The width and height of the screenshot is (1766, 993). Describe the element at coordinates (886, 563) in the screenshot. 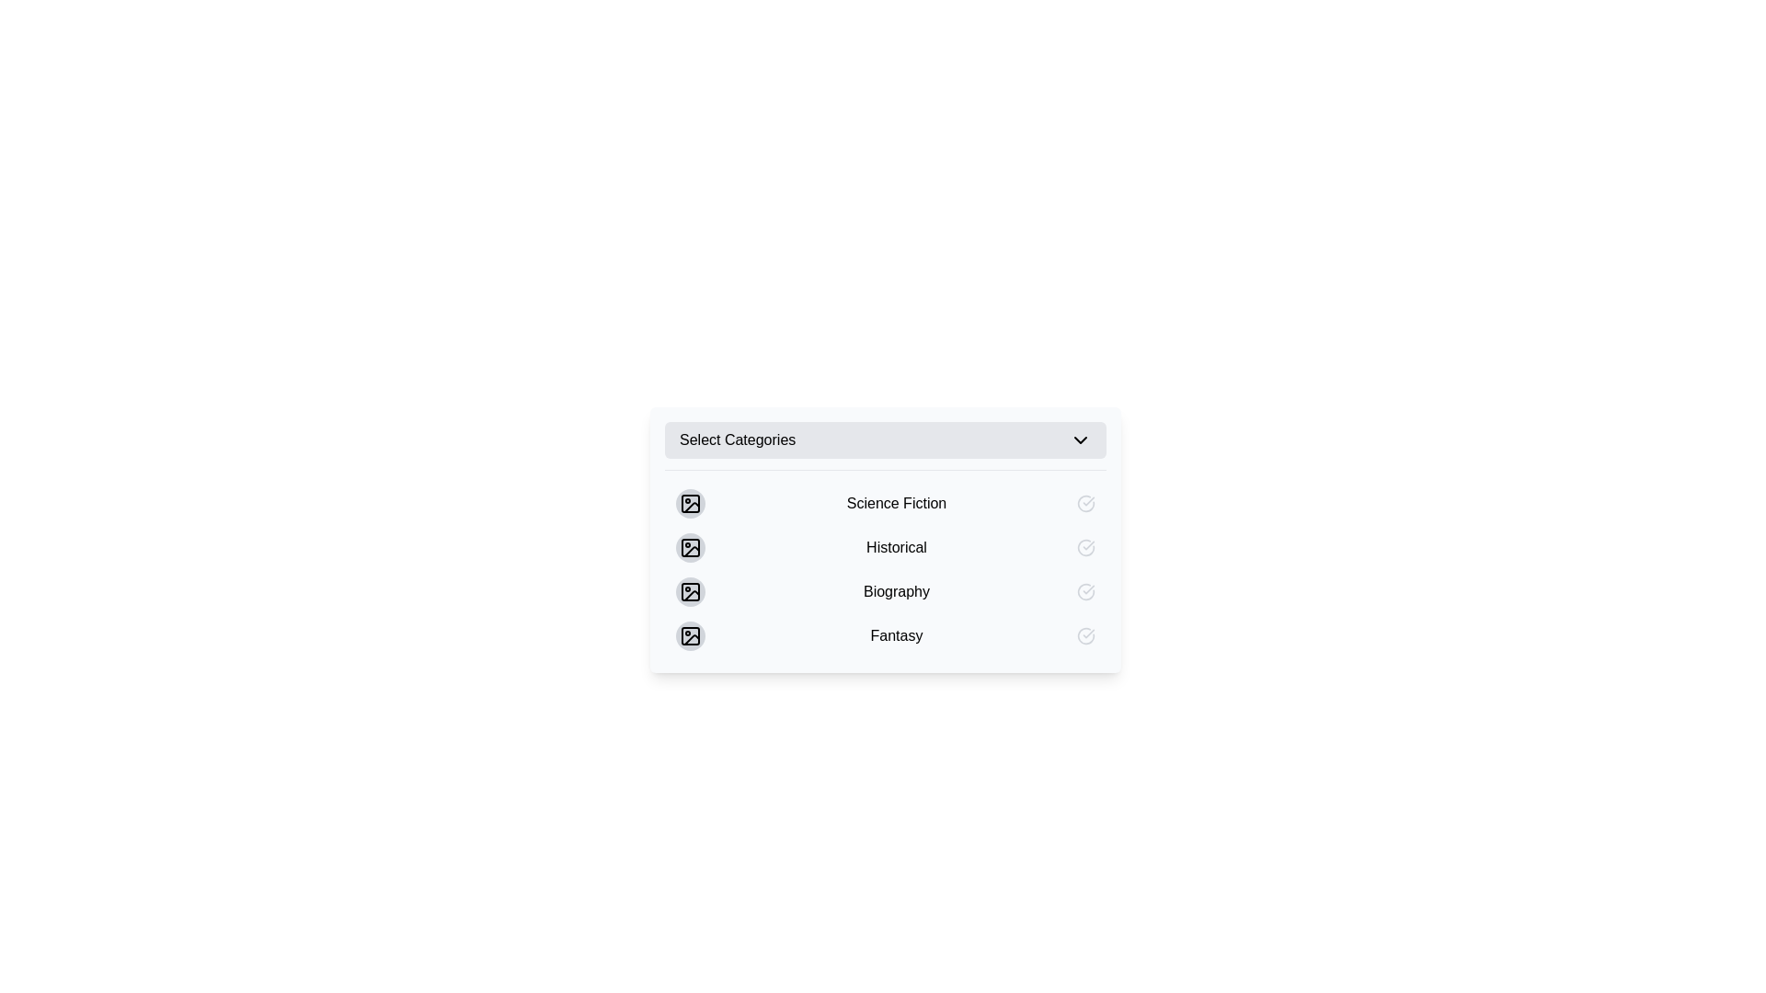

I see `the row in the category list` at that location.